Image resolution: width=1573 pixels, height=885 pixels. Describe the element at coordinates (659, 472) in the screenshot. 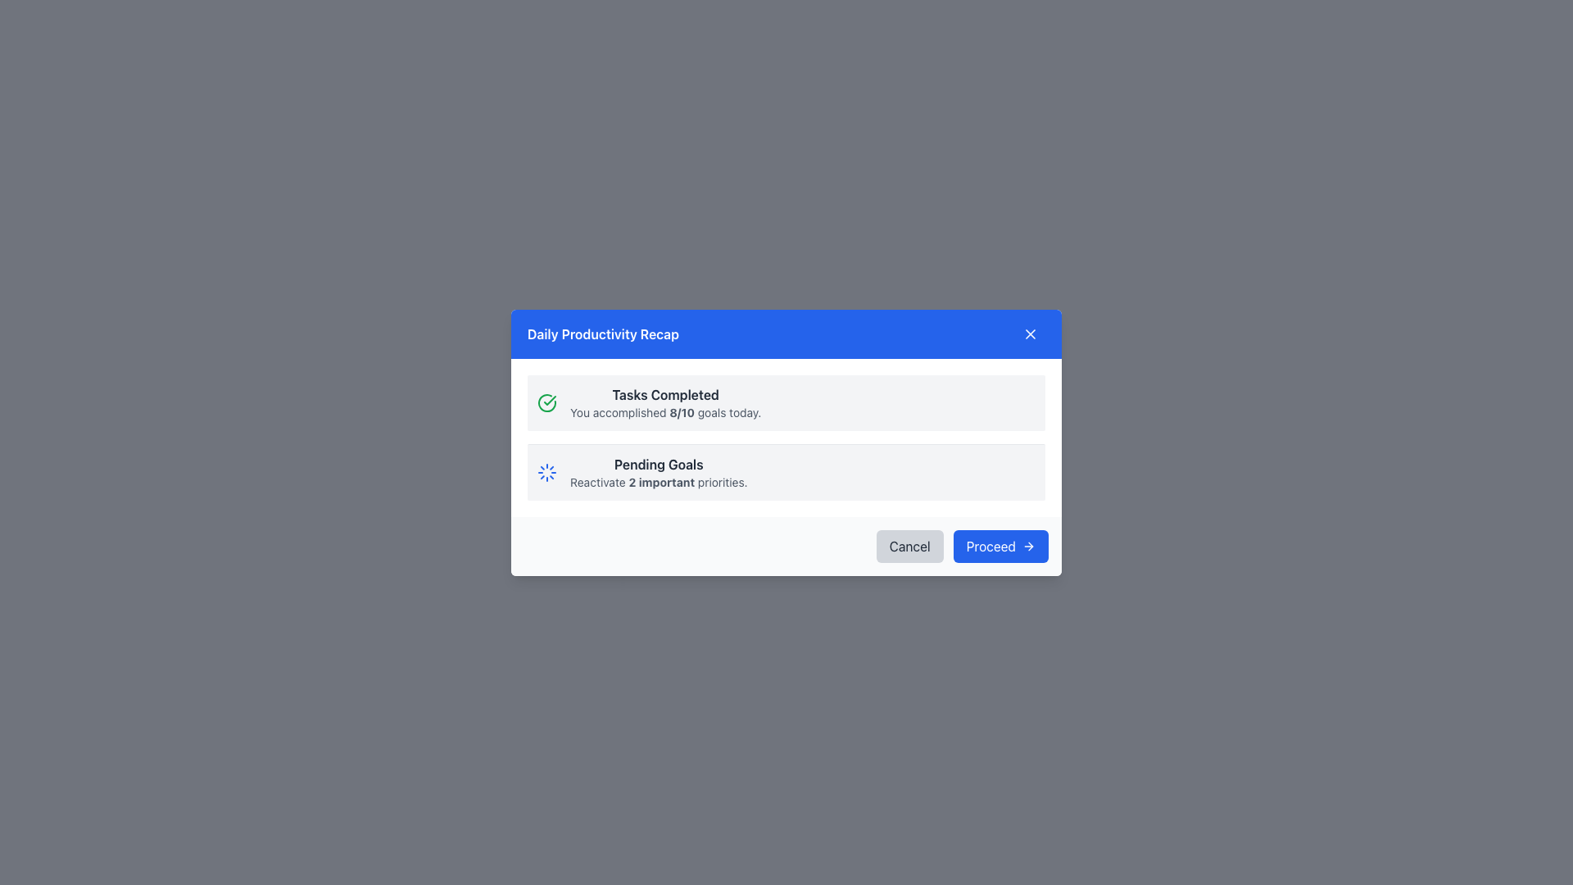

I see `the text block displaying information about pending goals, located below the 'Tasks Completed' section and next to a small blue circular icon` at that location.